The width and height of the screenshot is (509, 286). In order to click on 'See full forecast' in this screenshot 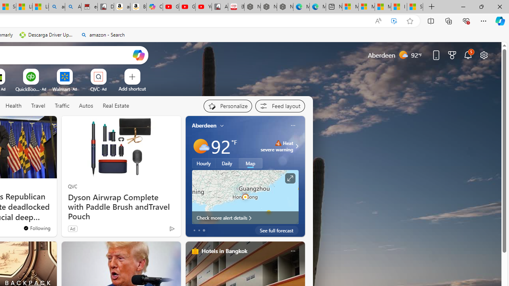, I will do `click(276, 230)`.